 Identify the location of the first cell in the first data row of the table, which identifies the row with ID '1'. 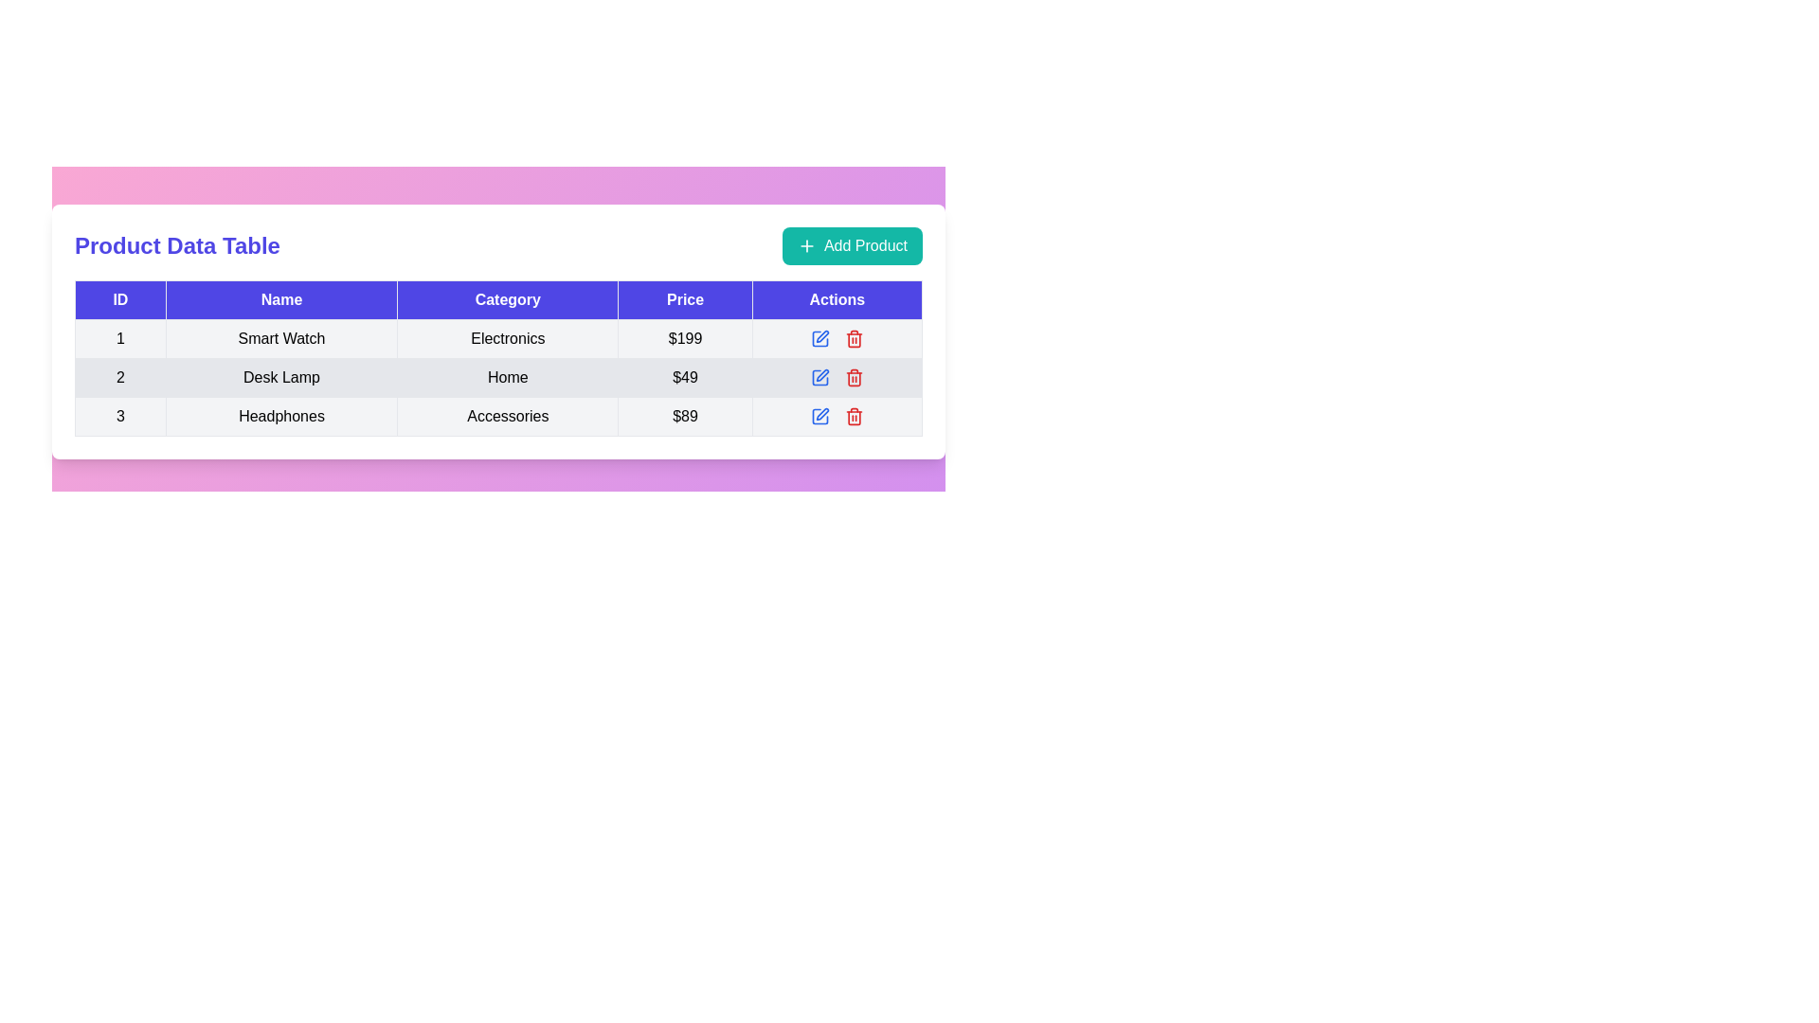
(119, 338).